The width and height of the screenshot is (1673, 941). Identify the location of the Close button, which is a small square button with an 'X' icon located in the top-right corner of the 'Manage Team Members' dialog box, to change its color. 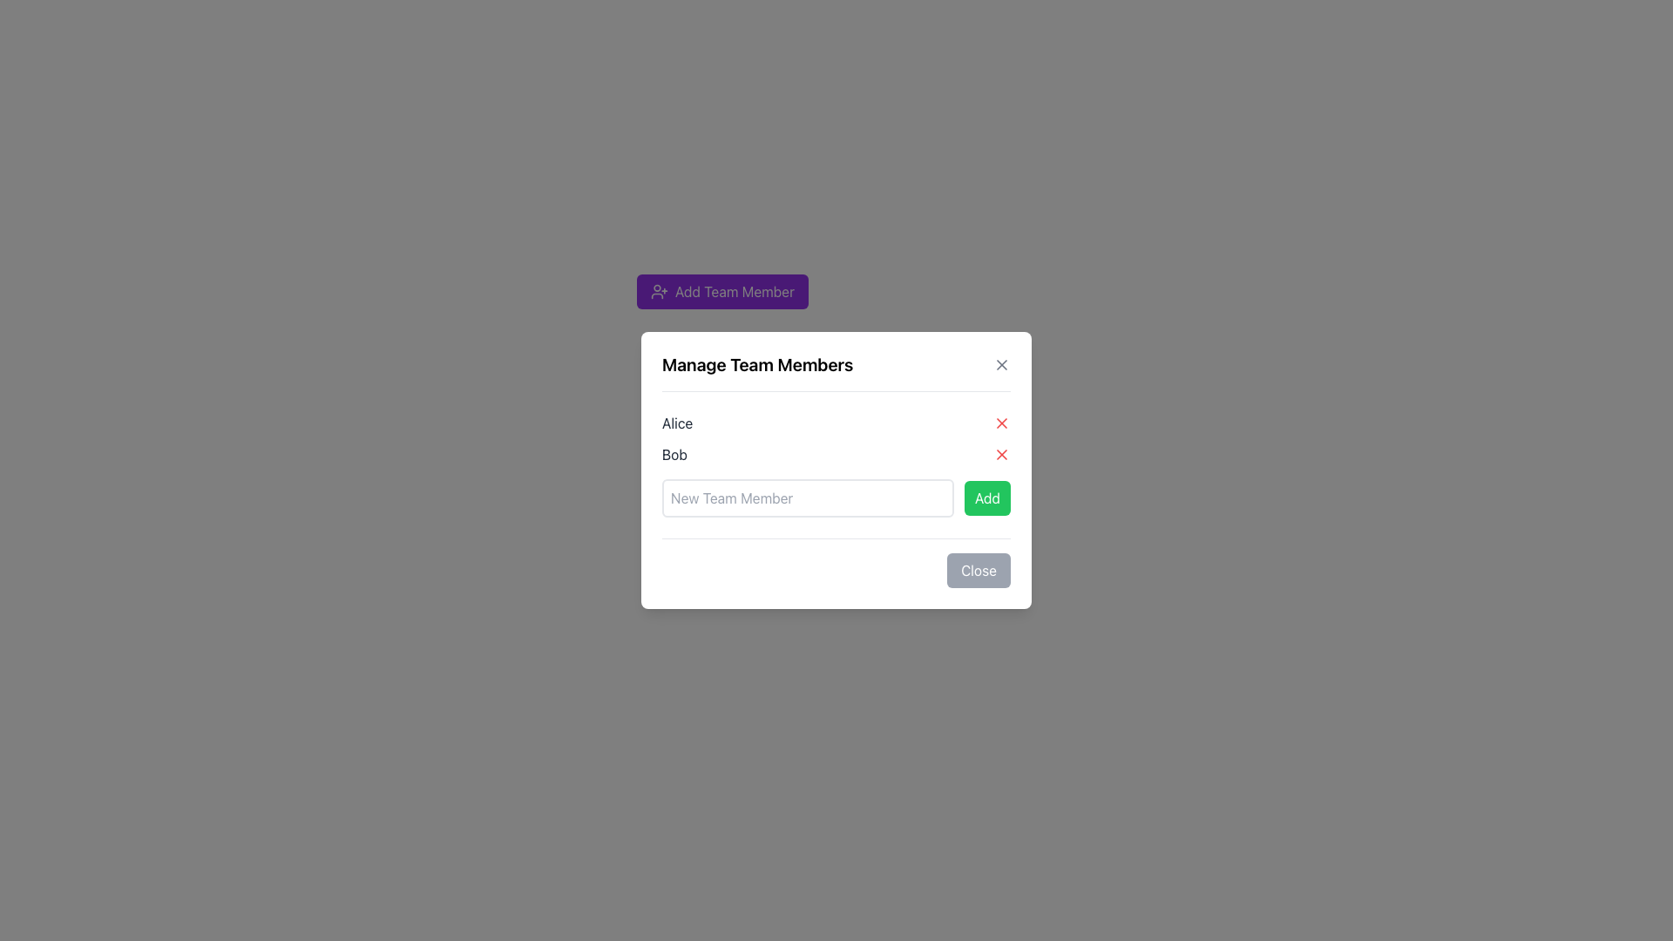
(1002, 364).